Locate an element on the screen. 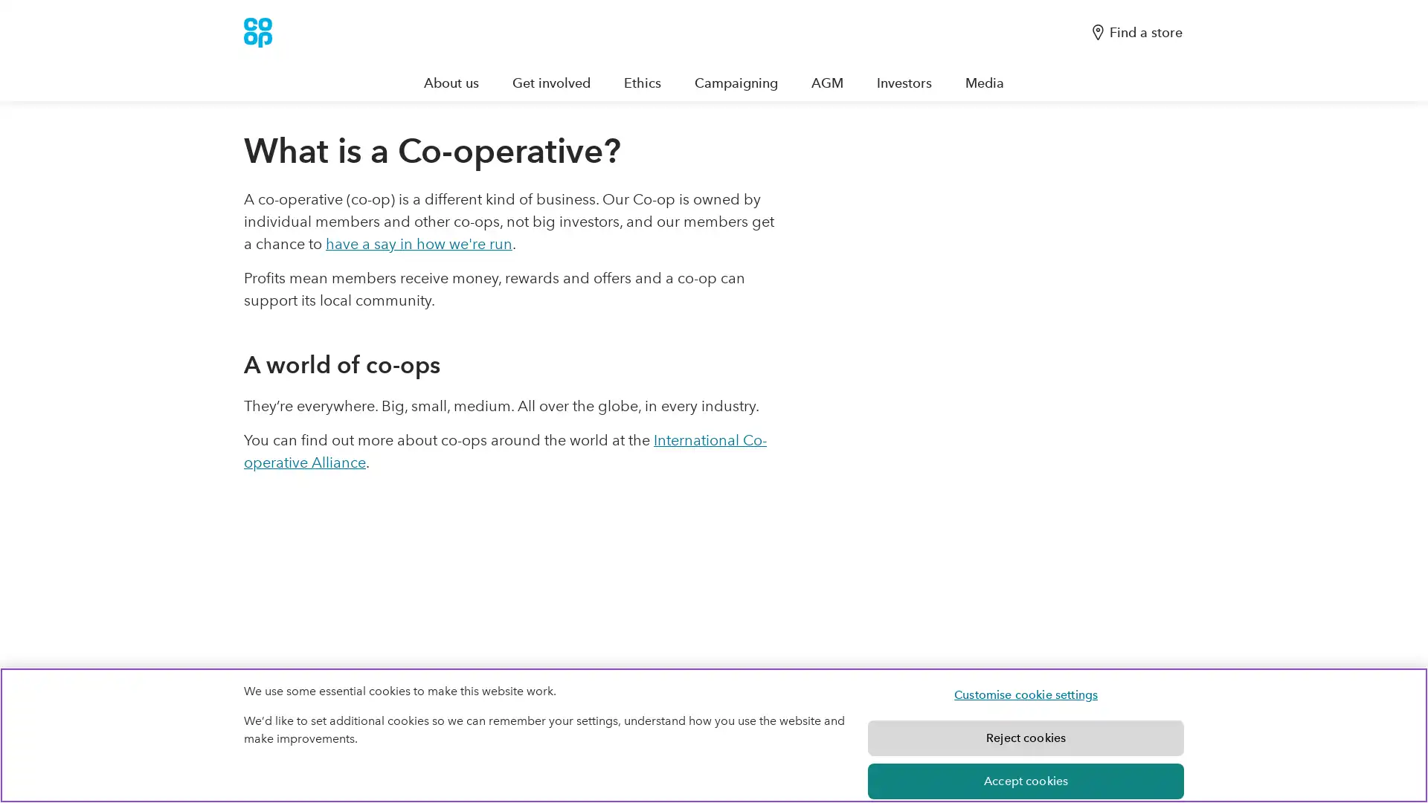  Reject cookies is located at coordinates (1024, 738).